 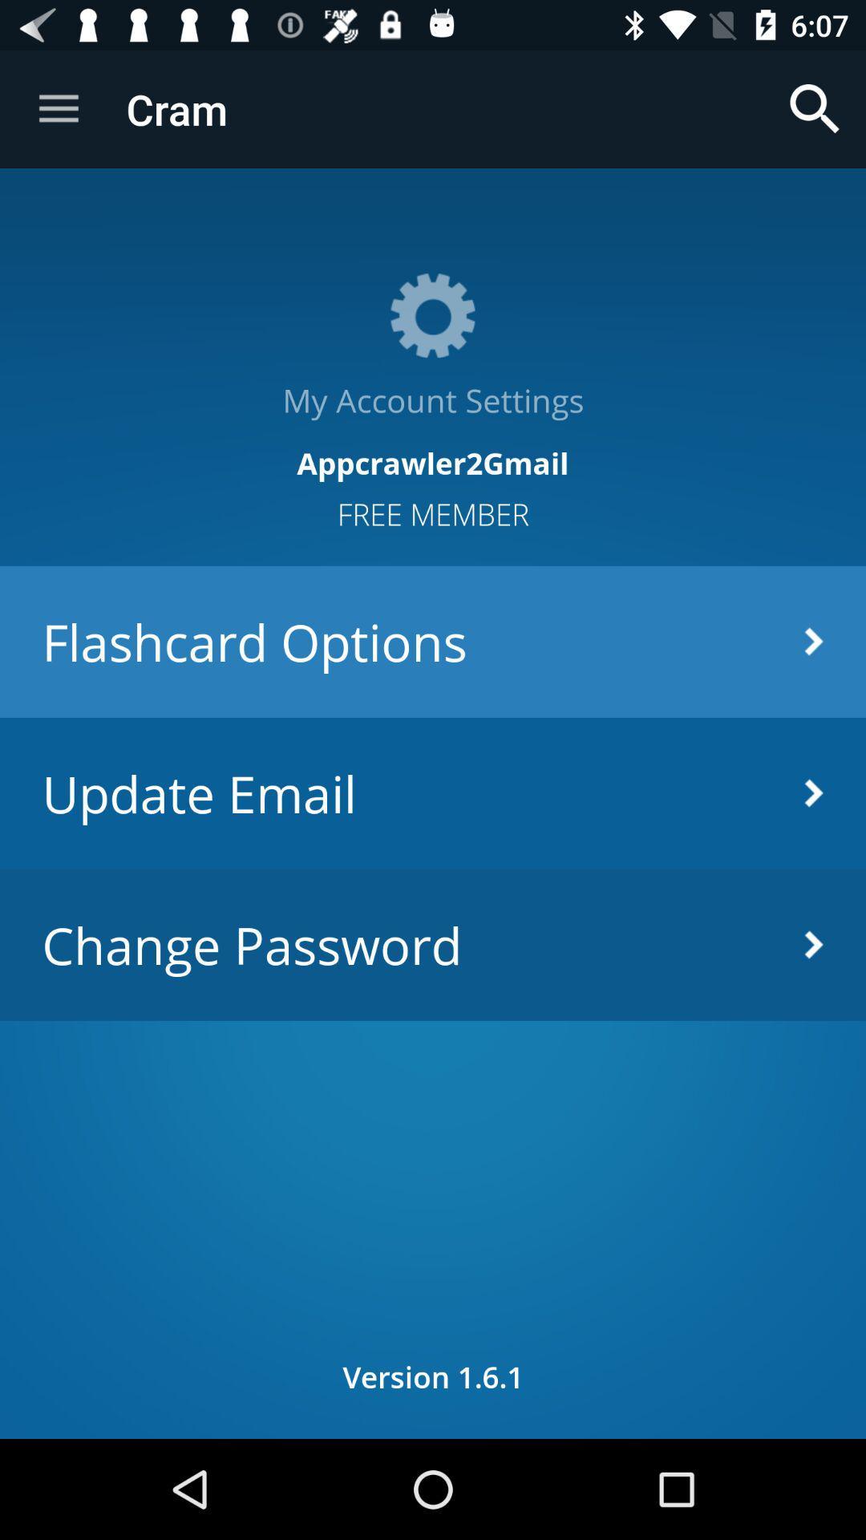 What do you see at coordinates (433, 642) in the screenshot?
I see `flashcard options icon` at bounding box center [433, 642].